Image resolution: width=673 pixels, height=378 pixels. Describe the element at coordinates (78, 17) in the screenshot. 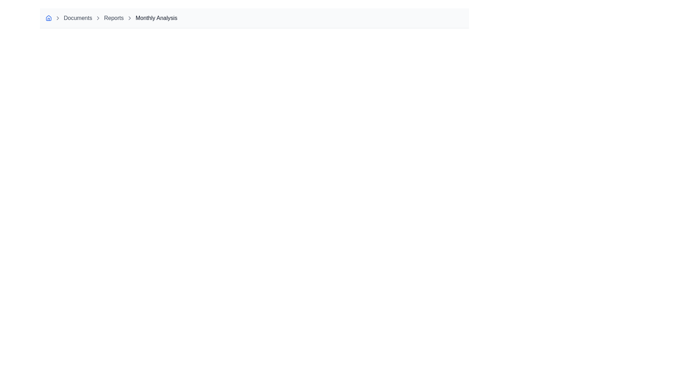

I see `the 'Documents' breadcrumb link` at that location.